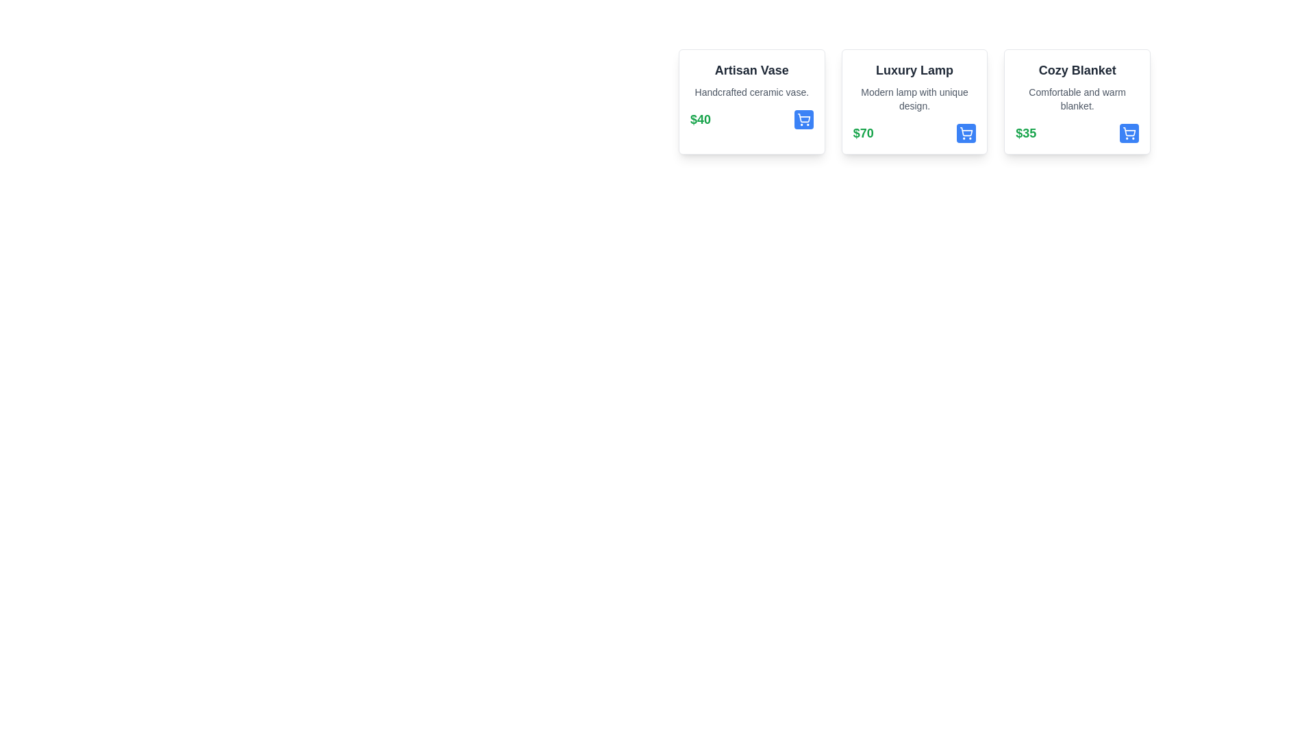  Describe the element at coordinates (751, 92) in the screenshot. I see `the text label that reads 'Handcrafted ceramic vase.' which is located below the title 'Artisan Vase' and above the price '$40' in a bordered, white card` at that location.